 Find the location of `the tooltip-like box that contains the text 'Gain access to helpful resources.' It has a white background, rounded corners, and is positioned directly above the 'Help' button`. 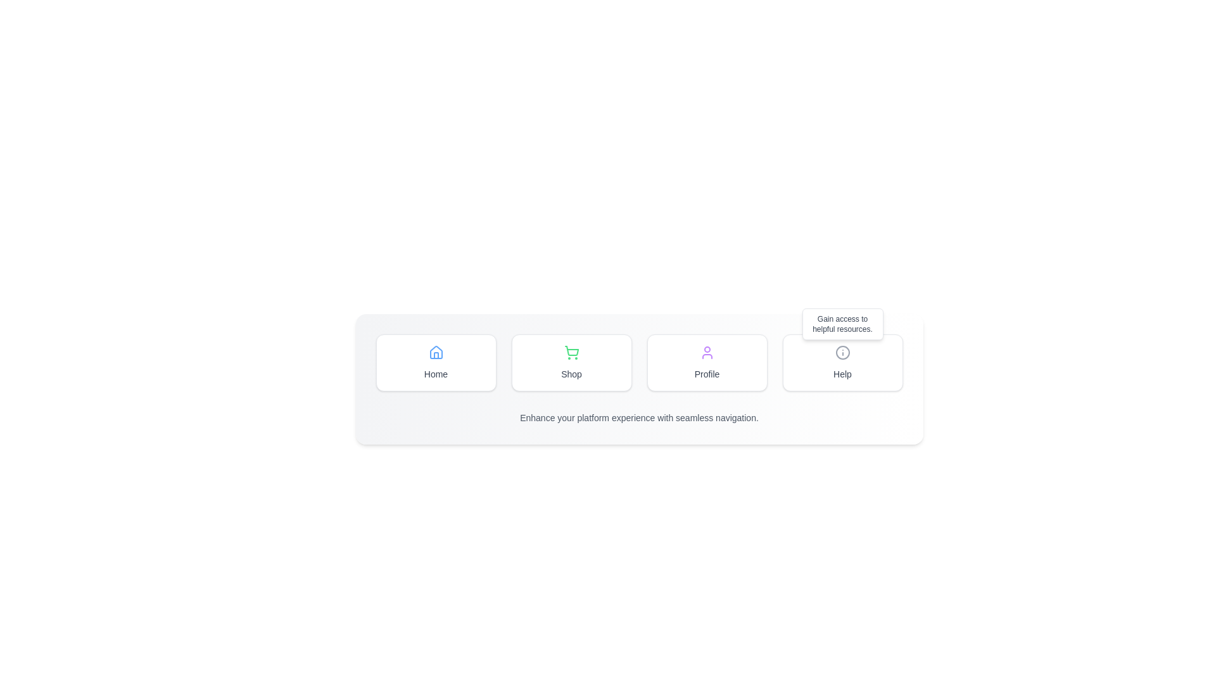

the tooltip-like box that contains the text 'Gain access to helpful resources.' It has a white background, rounded corners, and is positioned directly above the 'Help' button is located at coordinates (842, 324).